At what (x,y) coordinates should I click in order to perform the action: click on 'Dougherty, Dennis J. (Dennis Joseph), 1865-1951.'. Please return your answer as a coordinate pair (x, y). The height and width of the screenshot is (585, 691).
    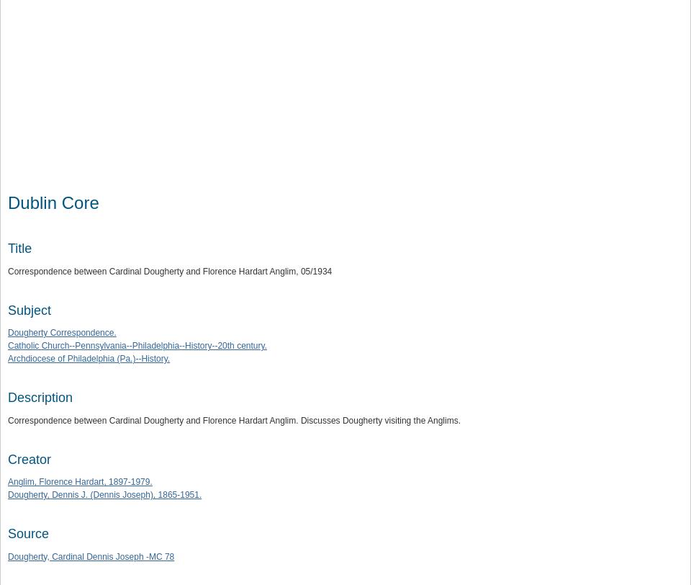
    Looking at the image, I should click on (104, 495).